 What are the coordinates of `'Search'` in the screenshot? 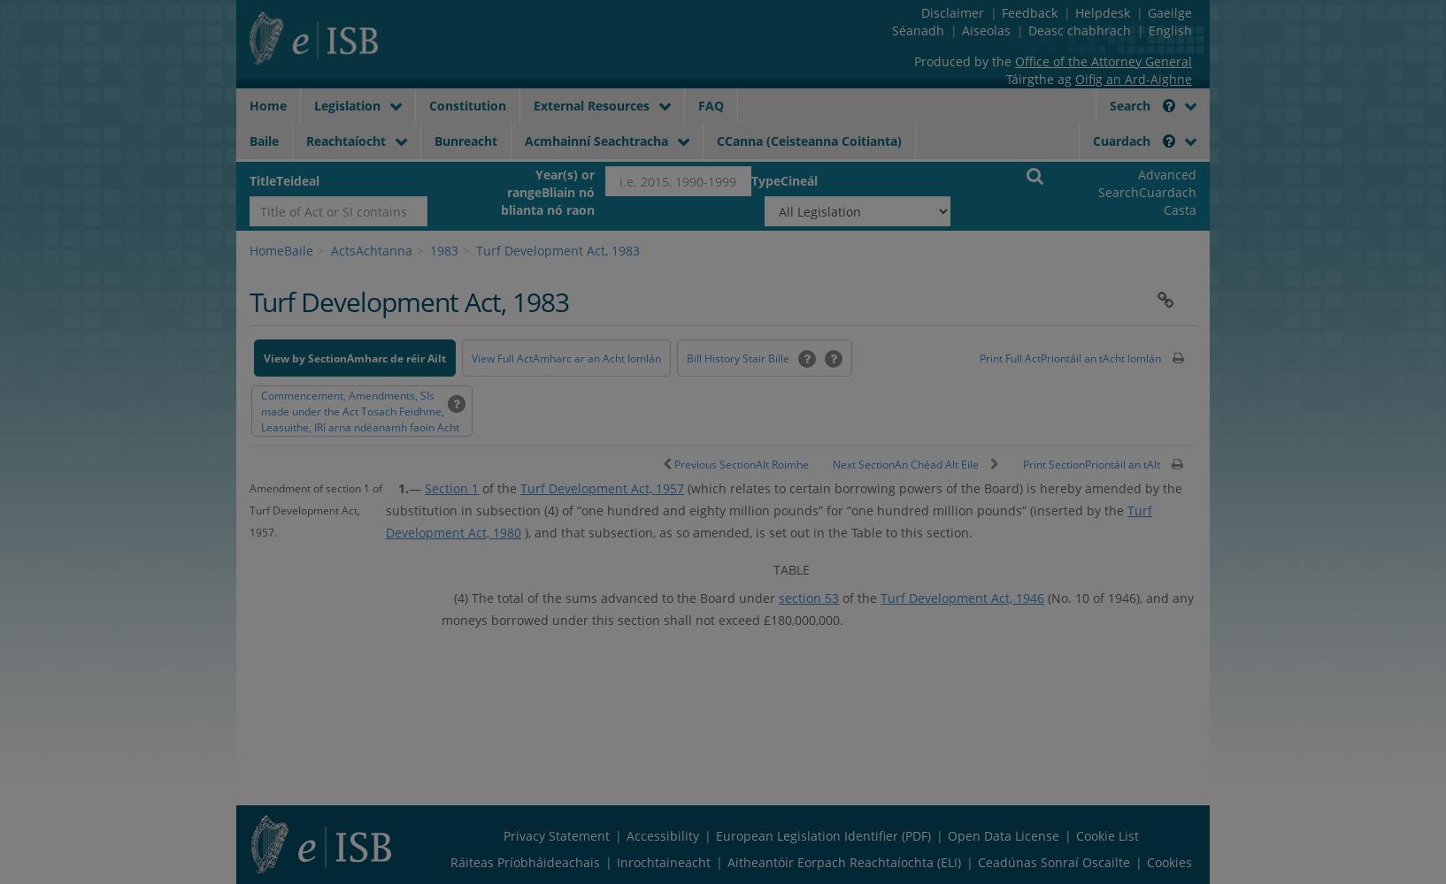 It's located at (1131, 104).